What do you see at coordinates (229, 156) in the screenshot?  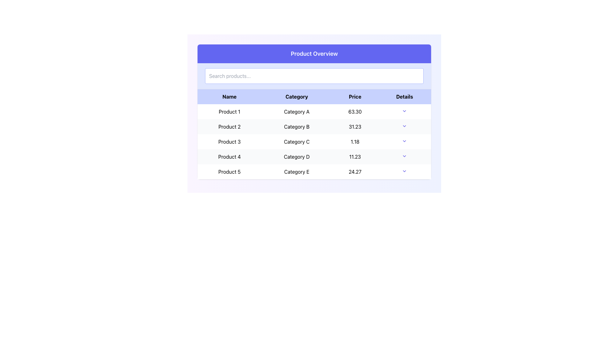 I see `text displayed in the 'Name' column for 'Product 4', which is located in the fourth row of the table` at bounding box center [229, 156].